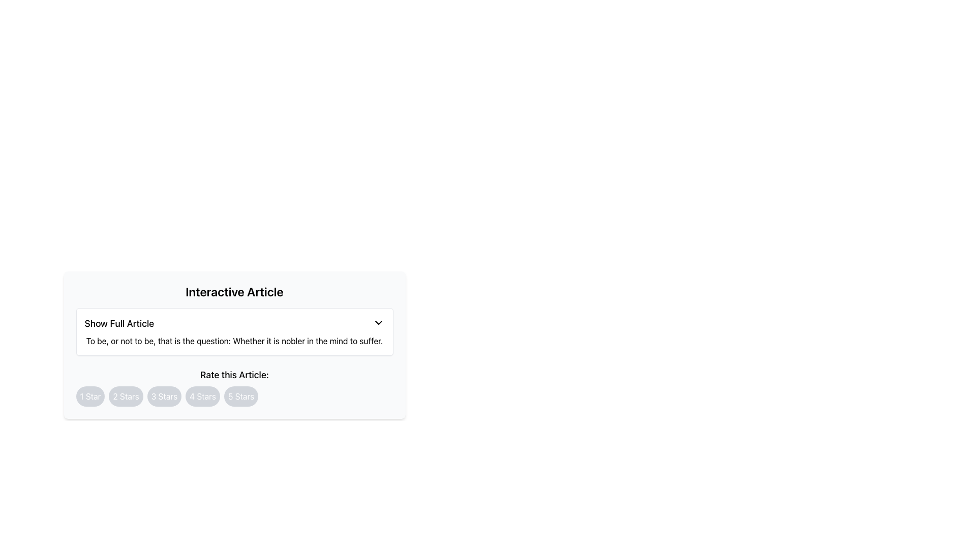  What do you see at coordinates (234, 341) in the screenshot?
I see `content displayed in the static text element located beneath the 'Show Full Article' title and dropdown button` at bounding box center [234, 341].